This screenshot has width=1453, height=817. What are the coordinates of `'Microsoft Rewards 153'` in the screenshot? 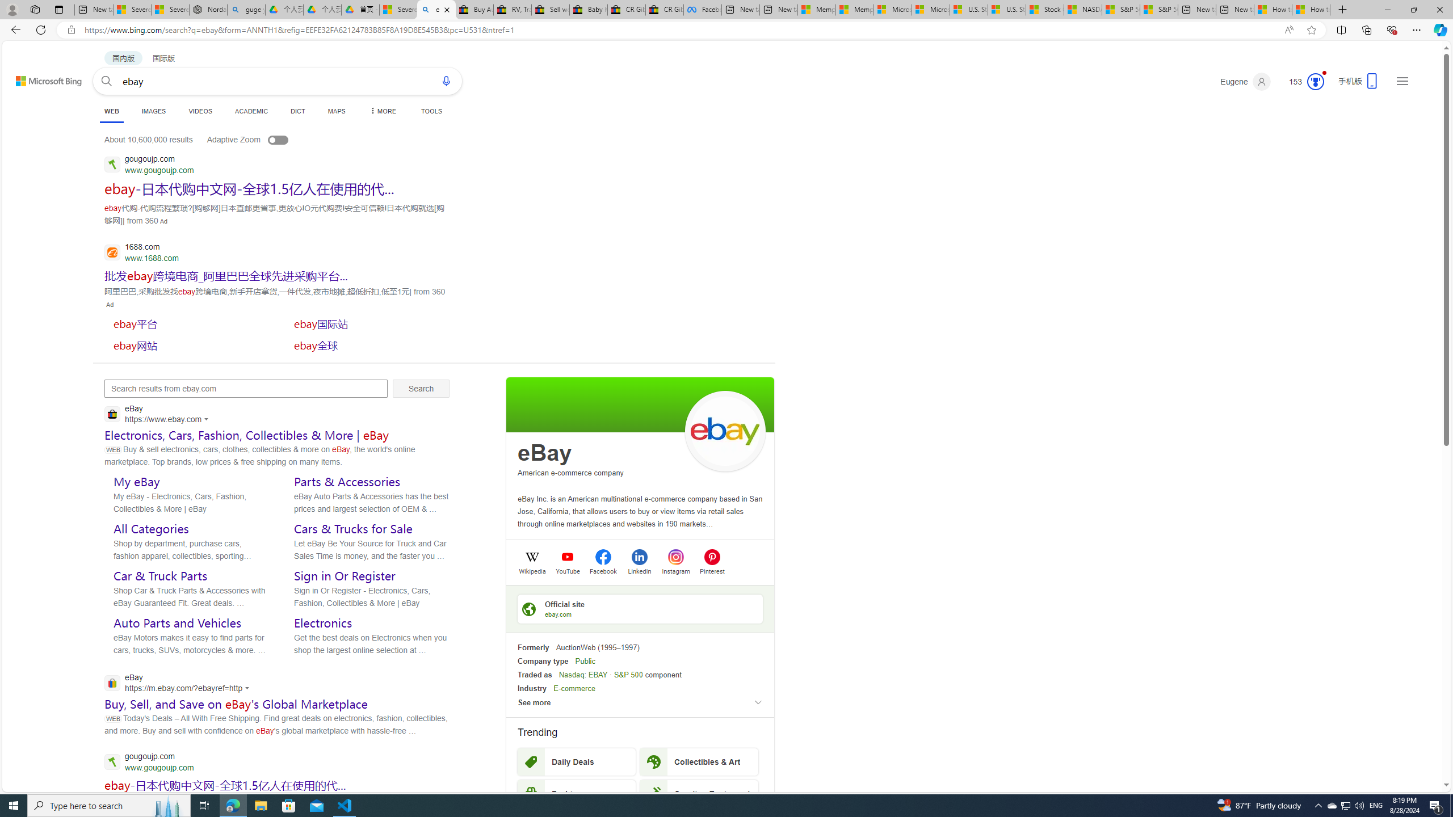 It's located at (1301, 81).